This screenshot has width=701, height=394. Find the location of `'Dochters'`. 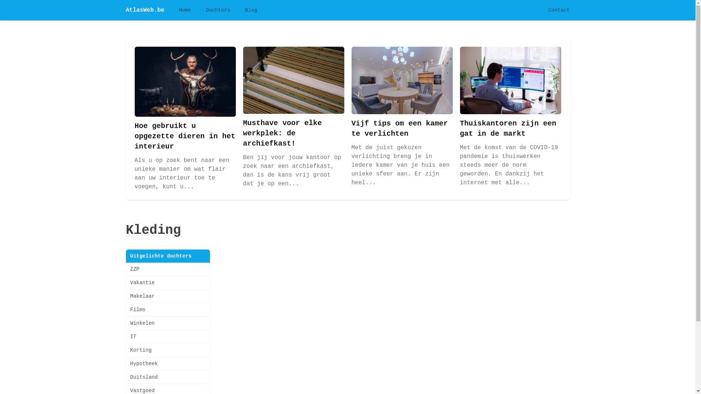

'Dochters' is located at coordinates (218, 10).